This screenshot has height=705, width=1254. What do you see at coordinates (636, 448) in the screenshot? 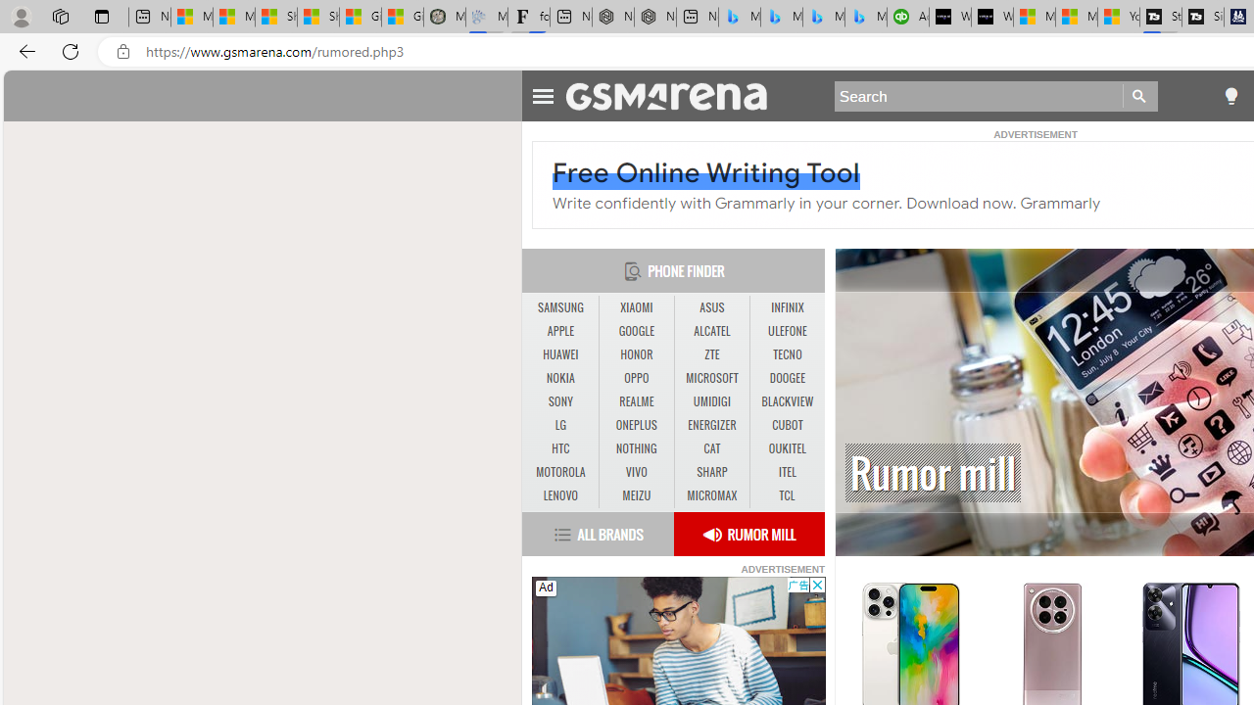
I see `'NOTHING'` at bounding box center [636, 448].